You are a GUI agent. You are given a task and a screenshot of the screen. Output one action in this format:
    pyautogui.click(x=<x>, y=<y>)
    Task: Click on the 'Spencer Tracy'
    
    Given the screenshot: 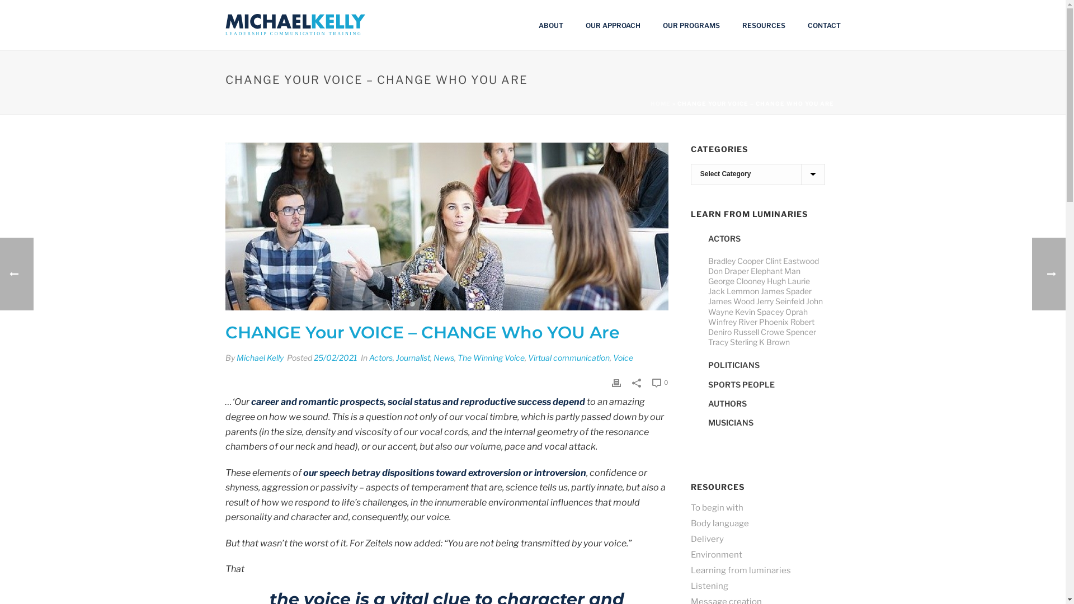 What is the action you would take?
    pyautogui.click(x=761, y=336)
    